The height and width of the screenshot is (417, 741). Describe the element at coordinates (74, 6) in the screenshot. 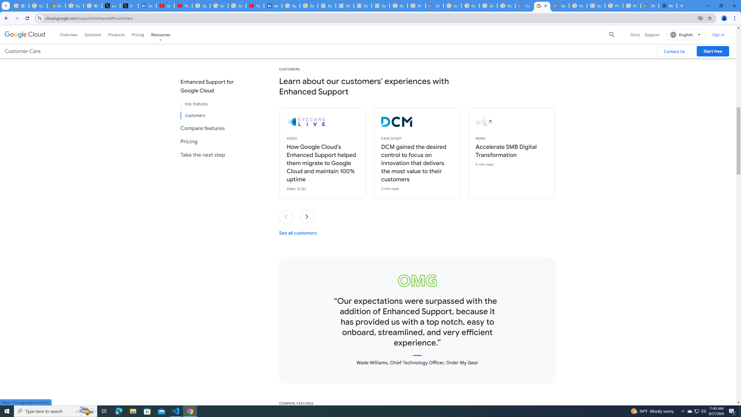

I see `'Sign in - Google Accounts'` at that location.